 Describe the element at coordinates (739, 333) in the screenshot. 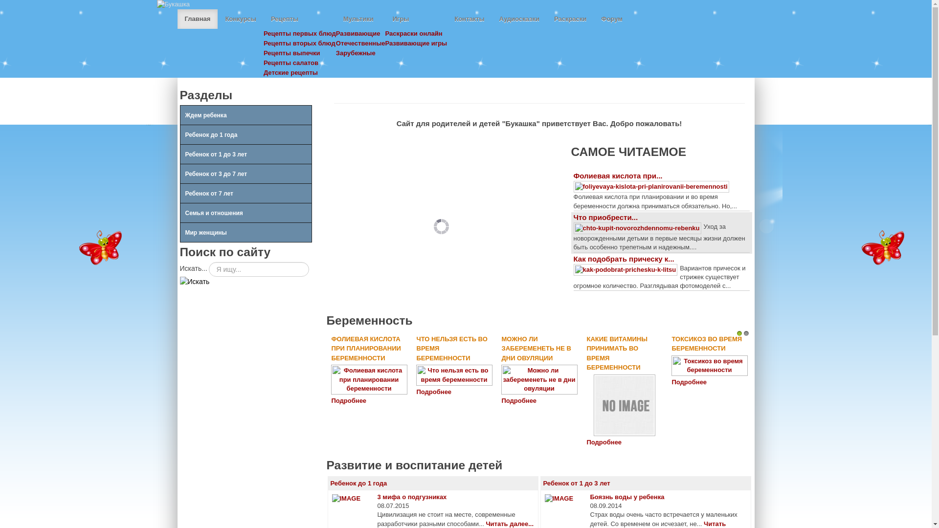

I see `'1'` at that location.